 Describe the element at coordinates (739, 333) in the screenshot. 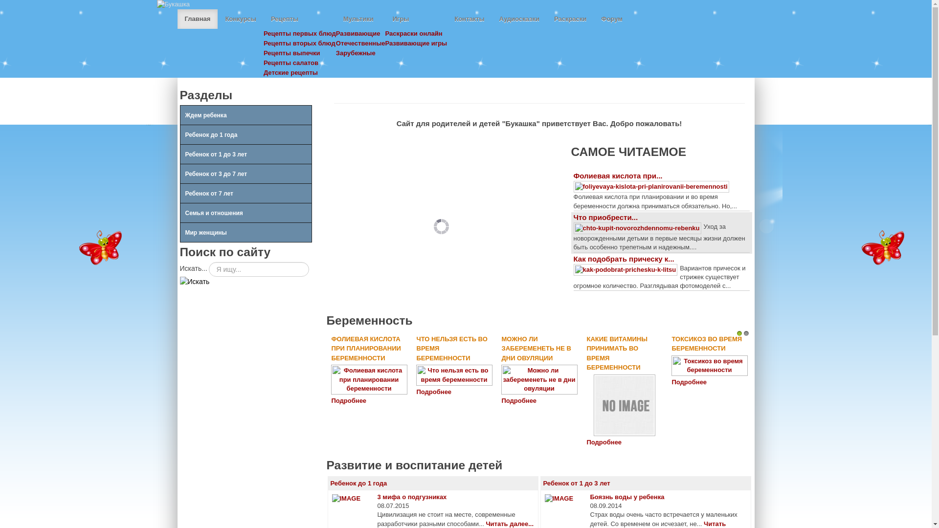

I see `'1'` at that location.